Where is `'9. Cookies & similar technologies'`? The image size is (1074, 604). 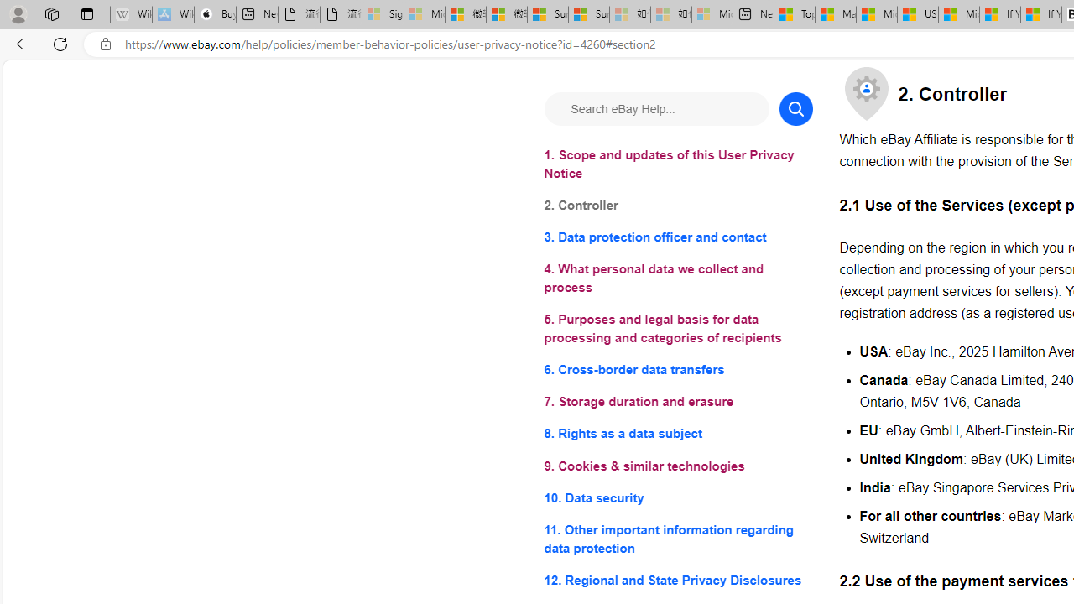
'9. Cookies & similar technologies' is located at coordinates (678, 466).